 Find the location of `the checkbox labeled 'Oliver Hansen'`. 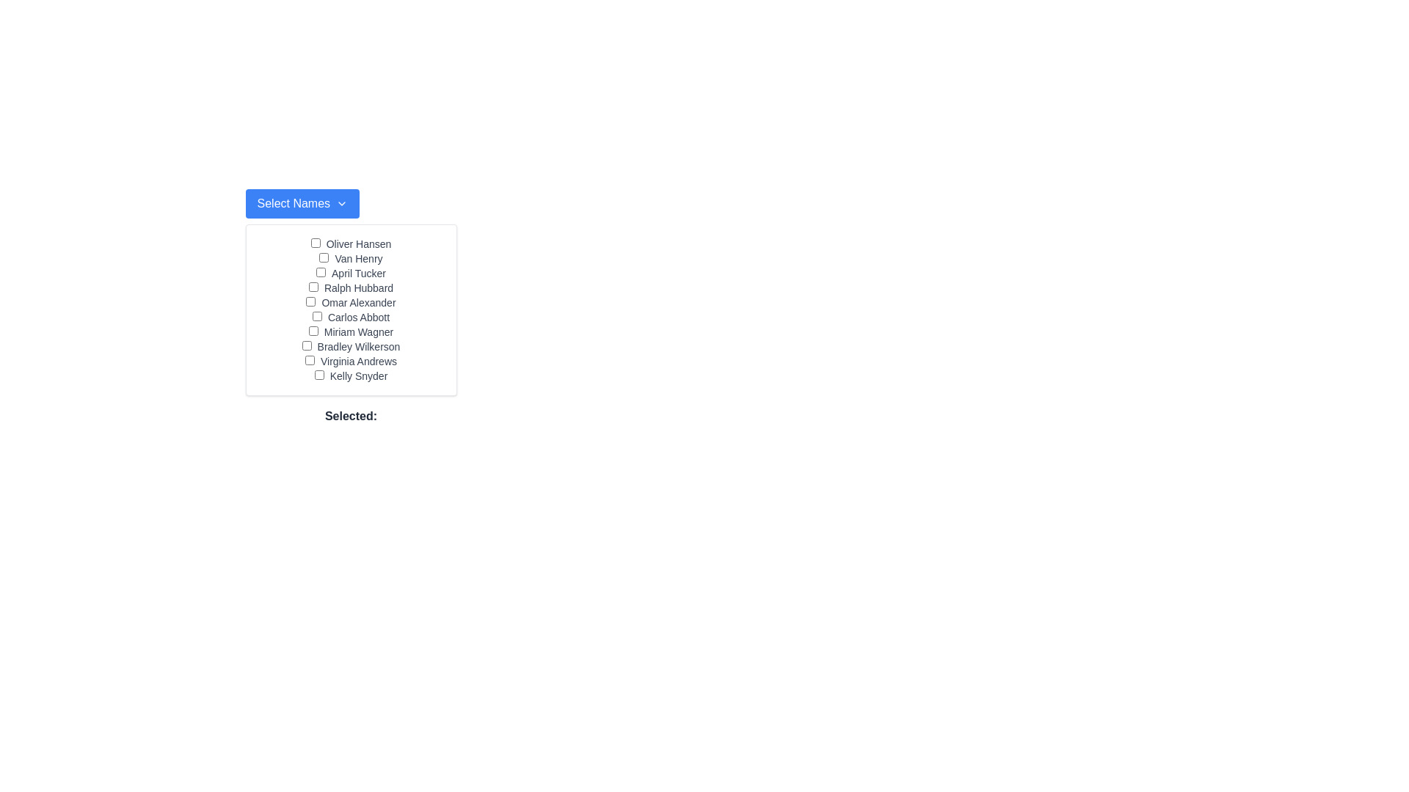

the checkbox labeled 'Oliver Hansen' is located at coordinates (315, 242).